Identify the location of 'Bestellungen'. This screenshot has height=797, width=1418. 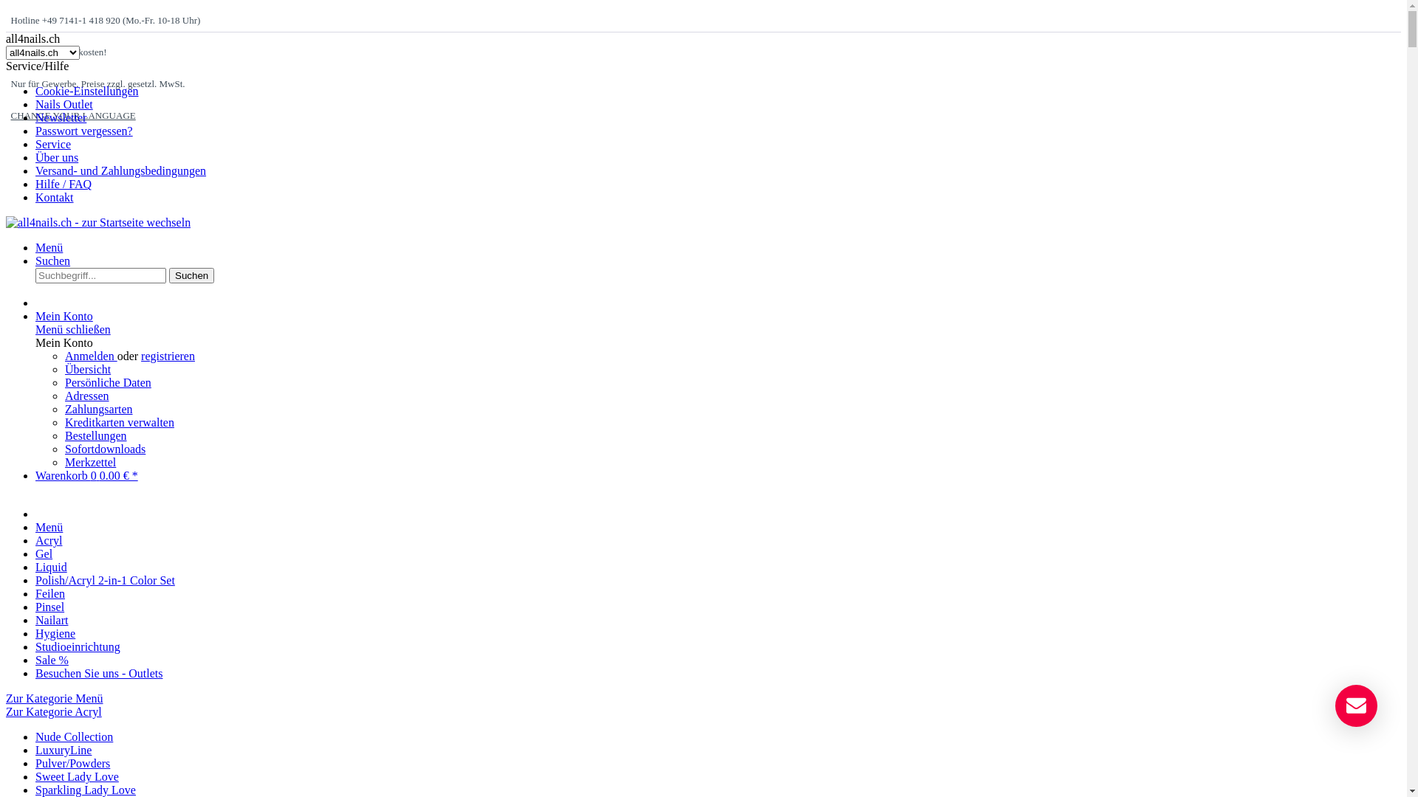
(95, 435).